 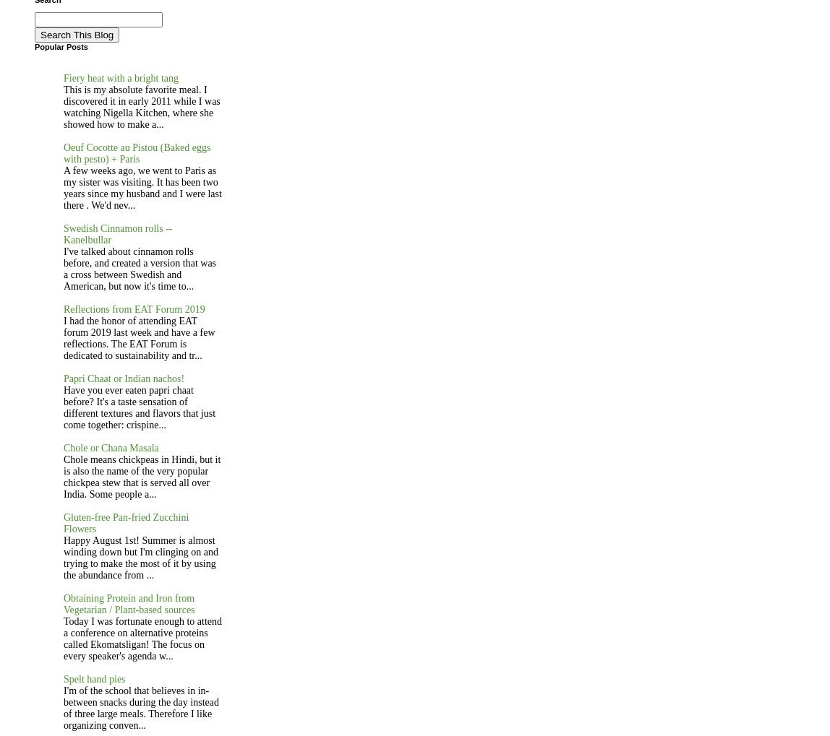 I want to click on 'I had the honor of attending EAT forum 2019 last week and have a few reflections.   The EAT Forum is dedicated to sustainability and tr...', so click(x=139, y=337).